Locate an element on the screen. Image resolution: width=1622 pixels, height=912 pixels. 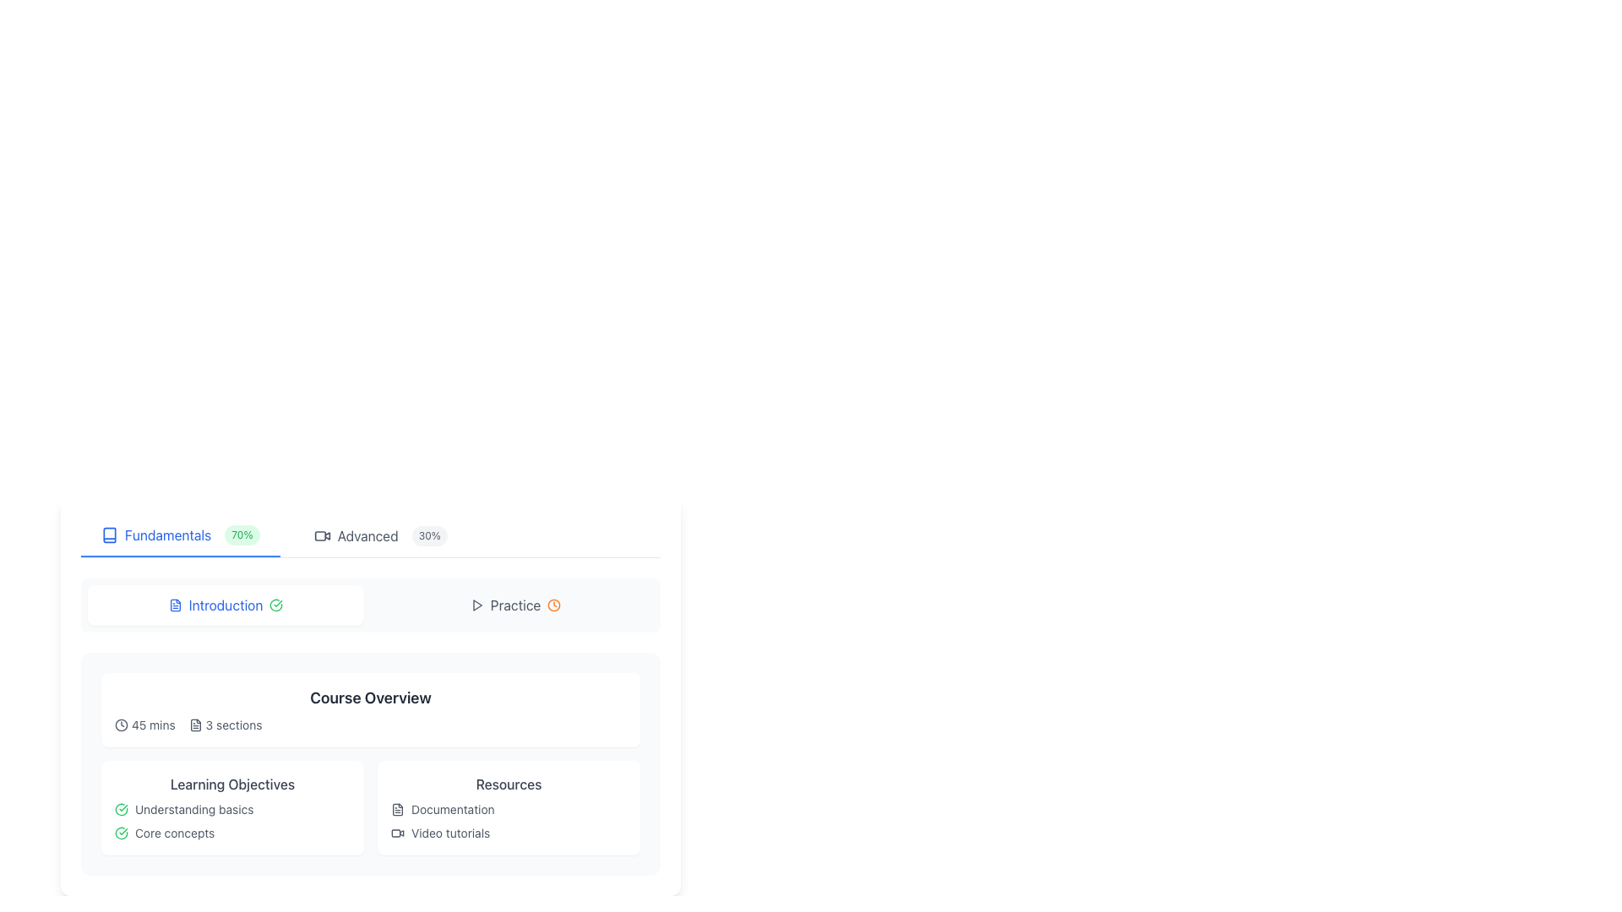
the text element reading 'Understanding basics' with a green checkmark icon located in the 'Learning Objectives' section of the Course Overview panel is located at coordinates (231, 809).